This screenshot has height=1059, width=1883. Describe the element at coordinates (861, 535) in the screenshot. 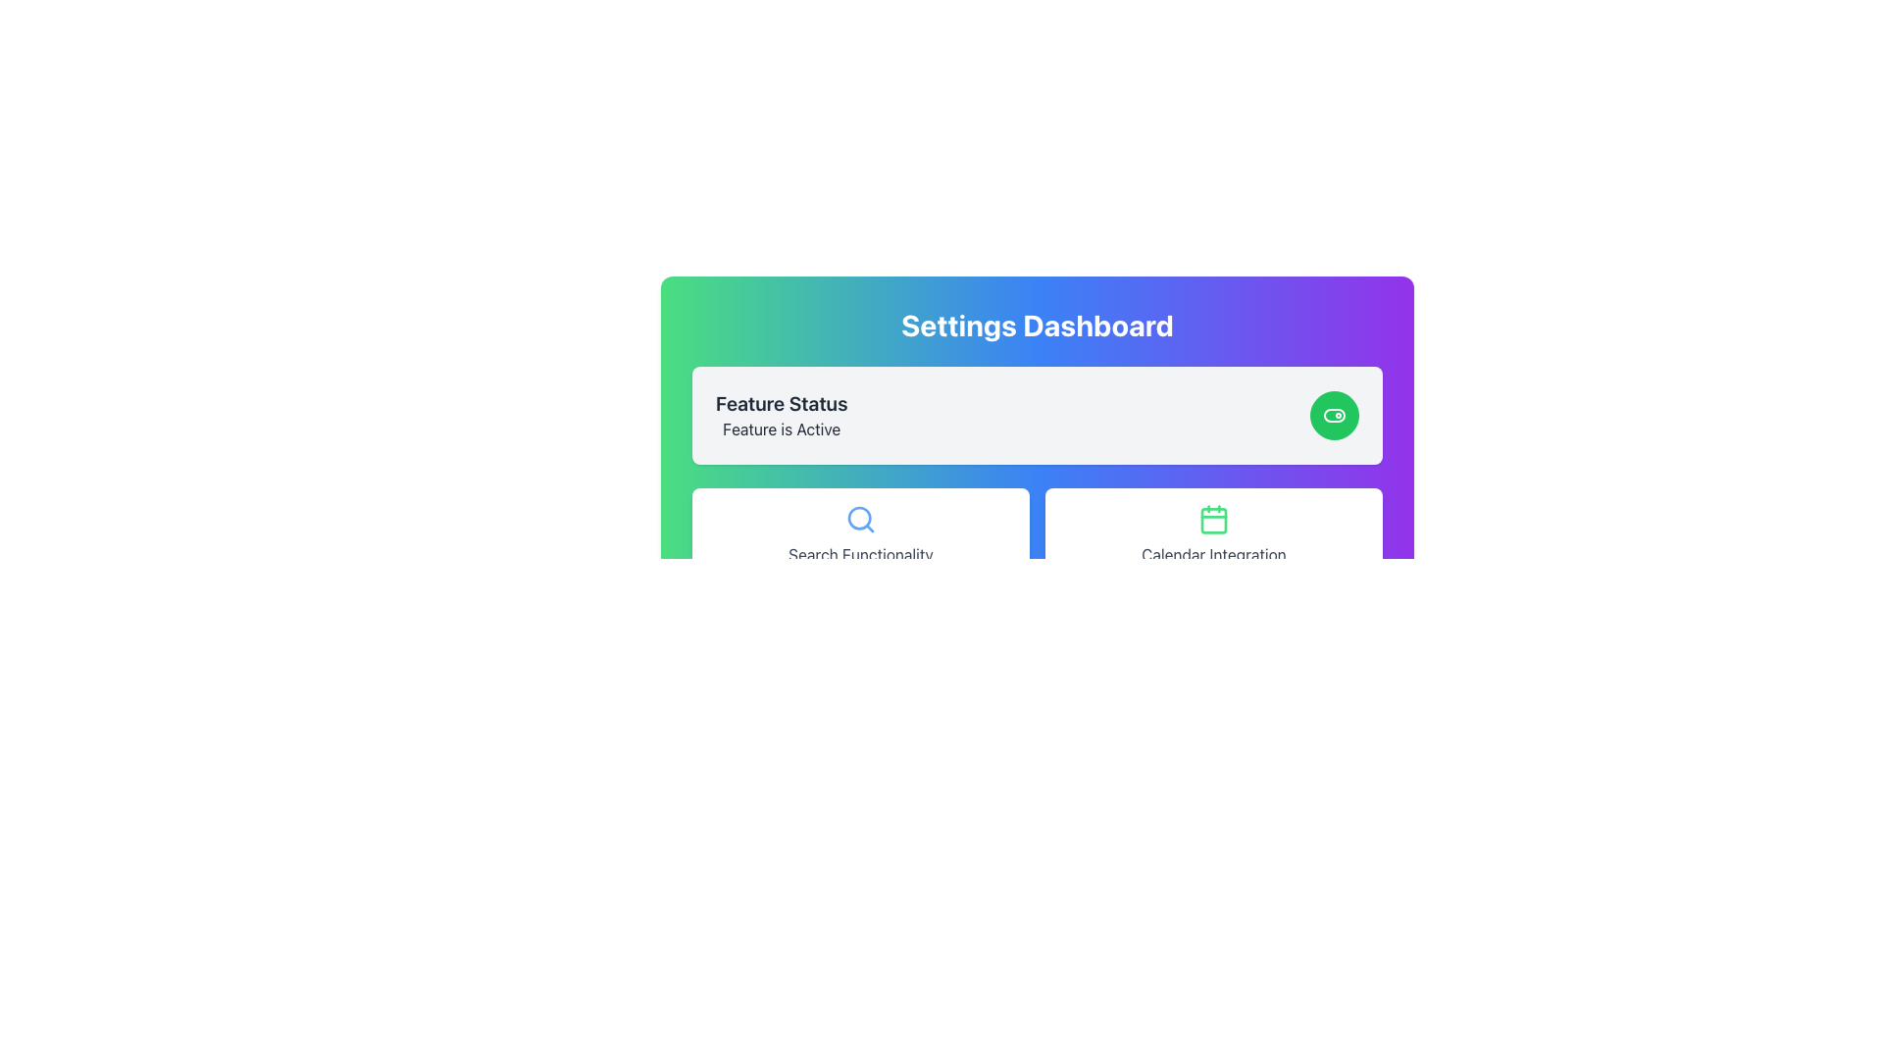

I see `the search card located to the left of the 'Calendar Integration' card within the 'Settings Dashboard'` at that location.